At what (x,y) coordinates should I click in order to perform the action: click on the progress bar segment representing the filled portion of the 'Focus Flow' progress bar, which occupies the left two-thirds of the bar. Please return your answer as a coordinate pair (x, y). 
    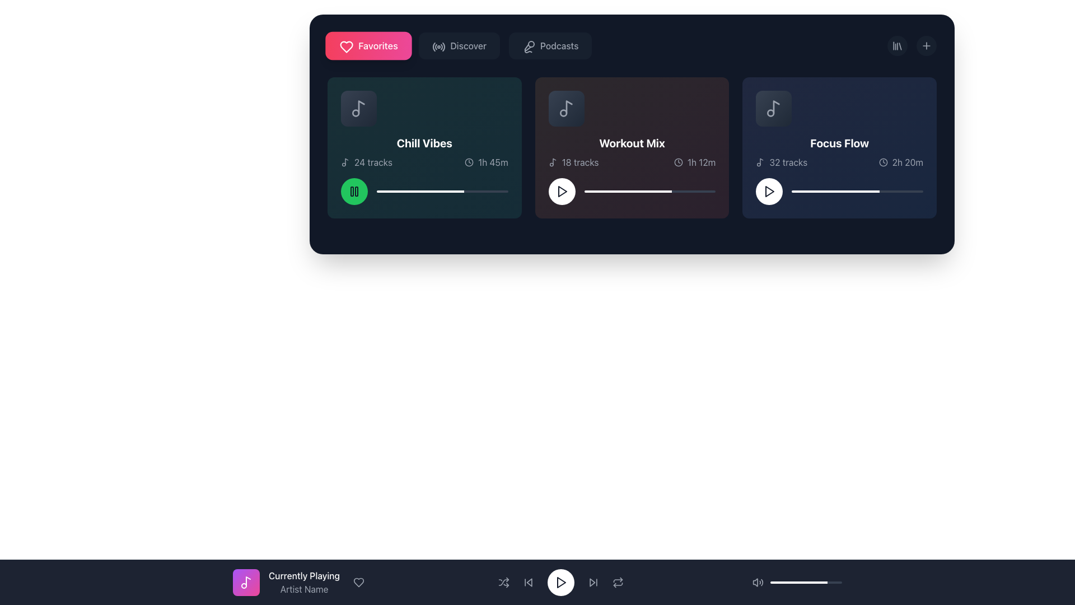
    Looking at the image, I should click on (835, 191).